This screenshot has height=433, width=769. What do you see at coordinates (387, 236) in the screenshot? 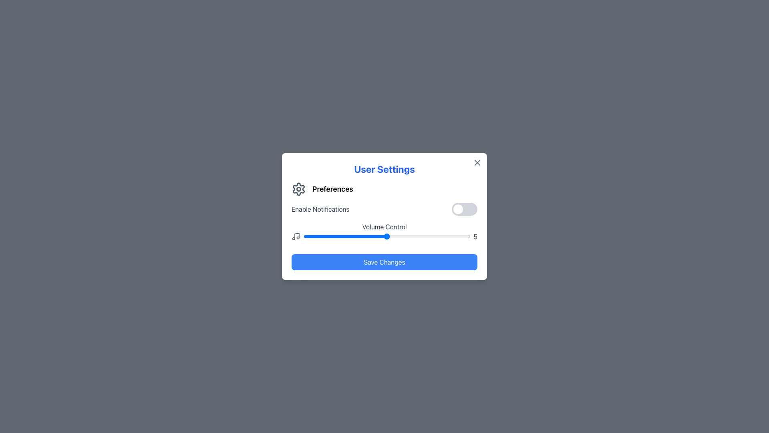
I see `the volume level` at bounding box center [387, 236].